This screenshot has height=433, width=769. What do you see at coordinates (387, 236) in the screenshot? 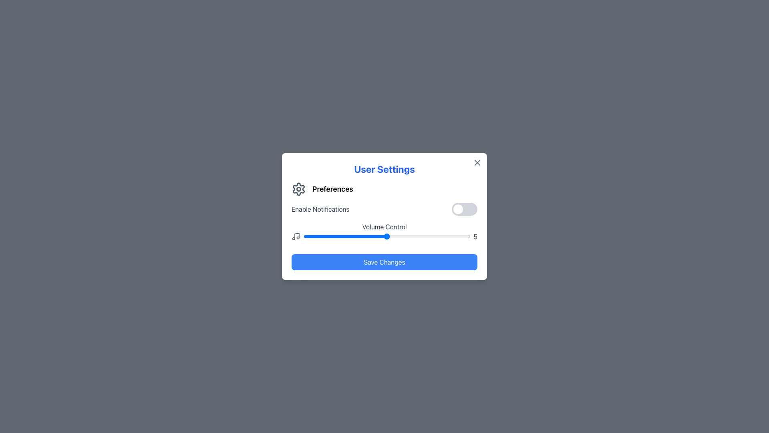
I see `the volume level` at bounding box center [387, 236].